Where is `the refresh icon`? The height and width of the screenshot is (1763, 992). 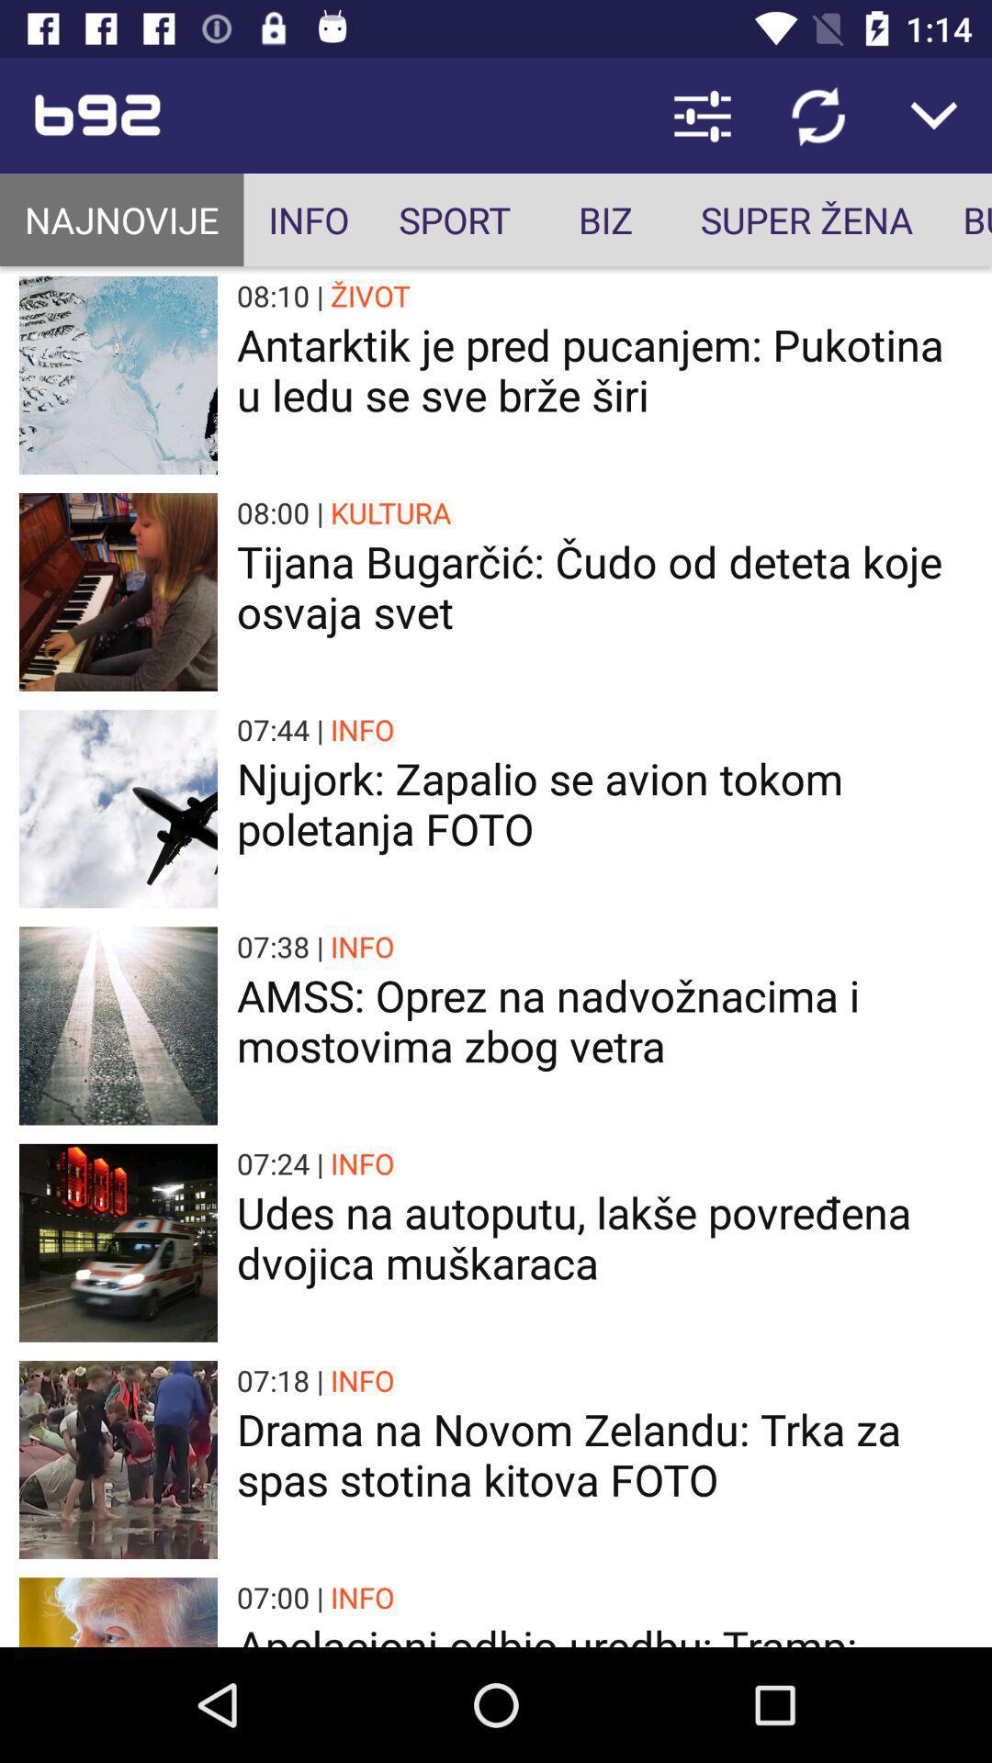 the refresh icon is located at coordinates (817, 114).